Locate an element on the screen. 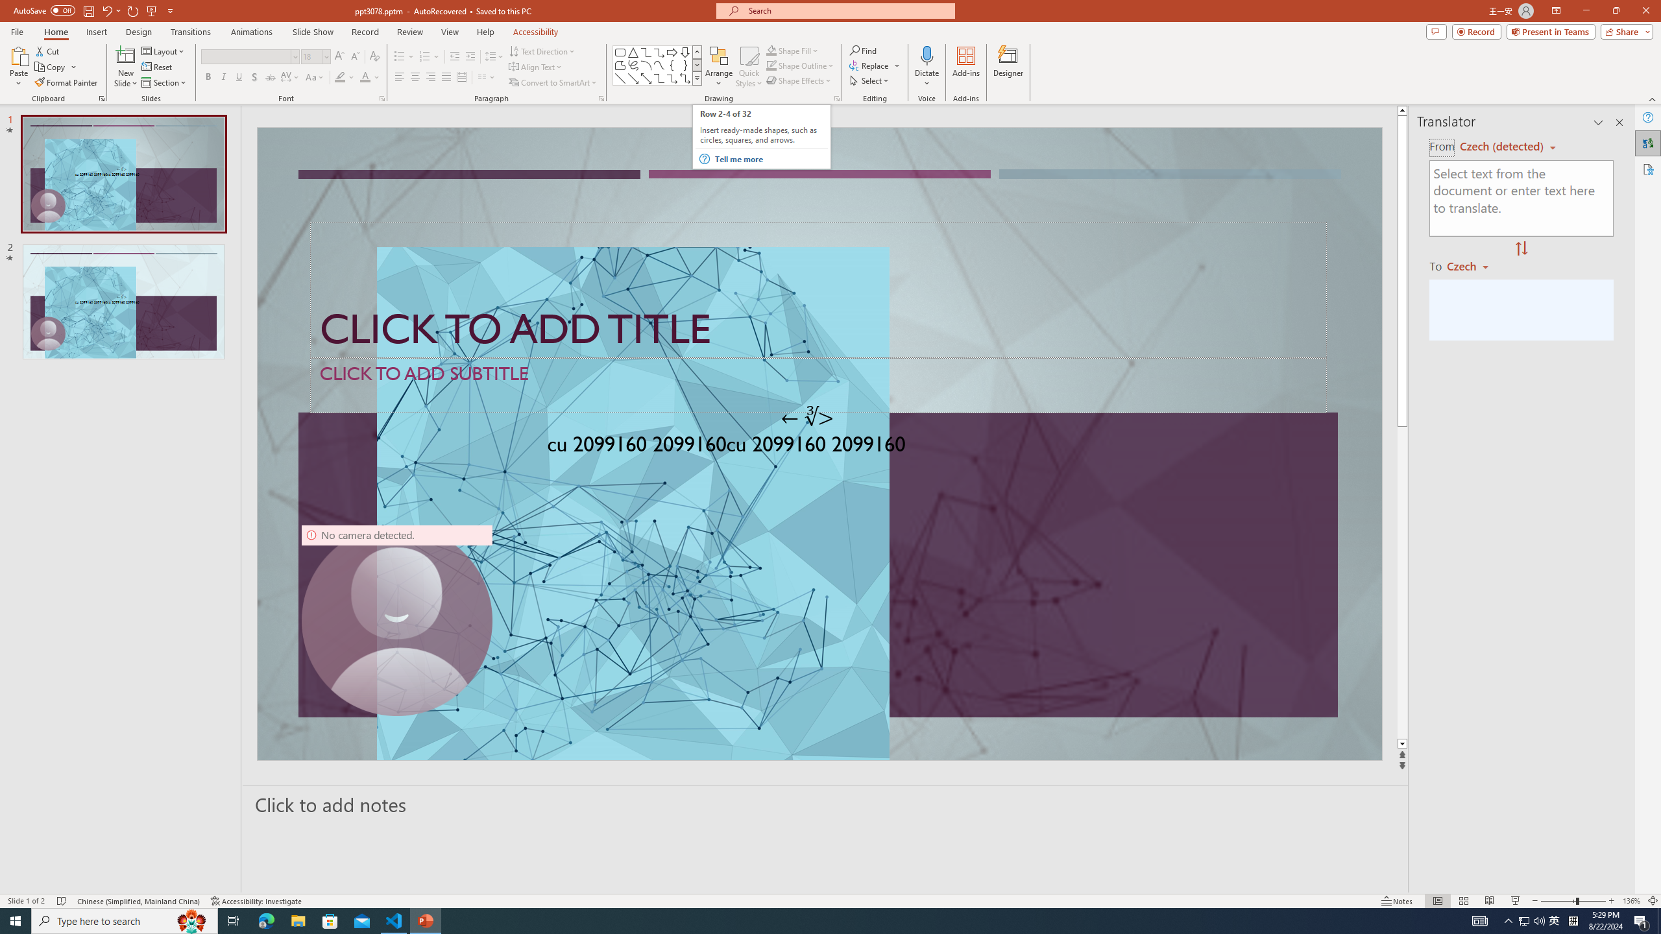 Image resolution: width=1661 pixels, height=934 pixels. 'Layout' is located at coordinates (164, 51).